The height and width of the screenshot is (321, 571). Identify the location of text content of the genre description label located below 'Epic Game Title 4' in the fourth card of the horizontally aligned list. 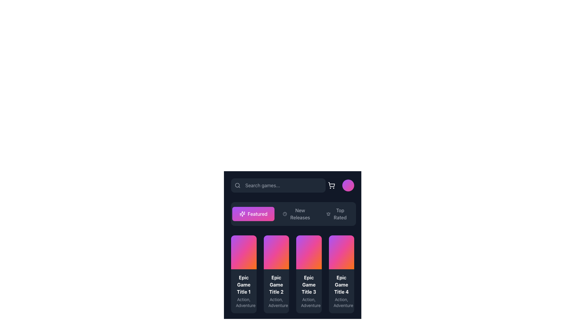
(341, 280).